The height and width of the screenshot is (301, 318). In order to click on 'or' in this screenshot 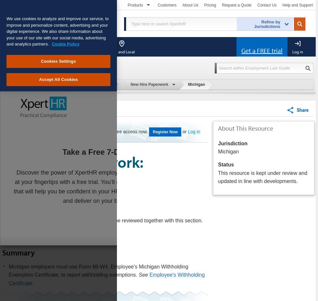, I will do `click(184, 131)`.